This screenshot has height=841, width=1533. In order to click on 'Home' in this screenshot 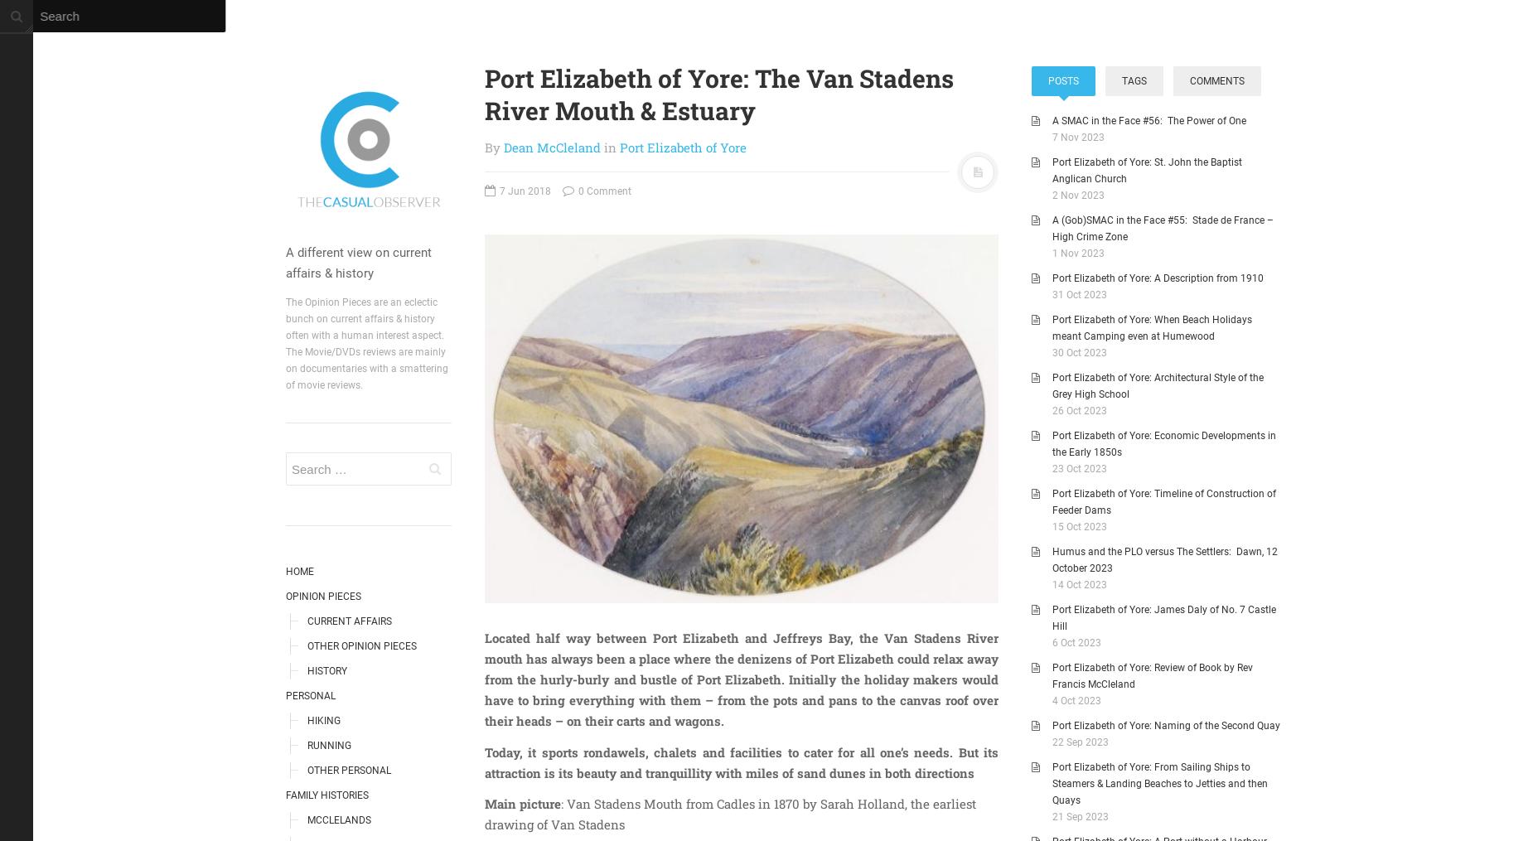, I will do `click(299, 570)`.